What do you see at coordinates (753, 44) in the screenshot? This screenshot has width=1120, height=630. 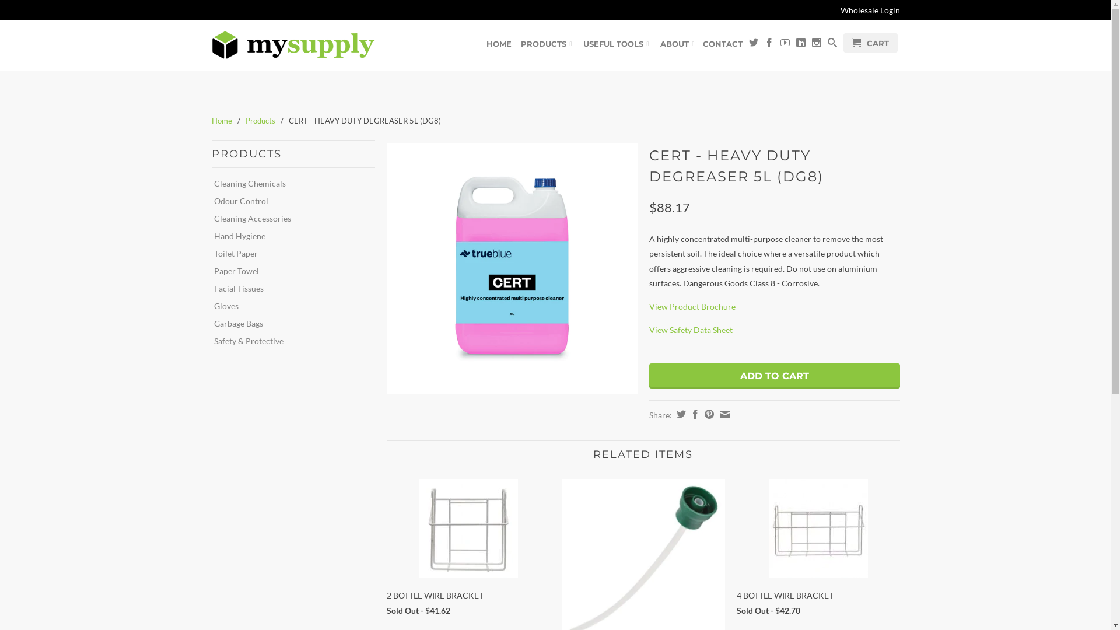 I see `'mysupply on Twitter'` at bounding box center [753, 44].